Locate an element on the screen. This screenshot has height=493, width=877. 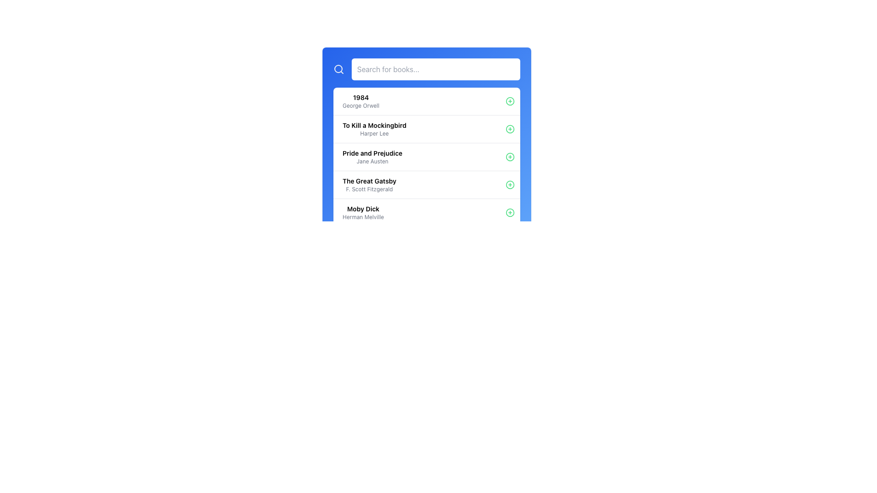
the circular green outlined button with a '+' symbol located to the right of the '1984 - George Orwell' list item is located at coordinates (510, 101).